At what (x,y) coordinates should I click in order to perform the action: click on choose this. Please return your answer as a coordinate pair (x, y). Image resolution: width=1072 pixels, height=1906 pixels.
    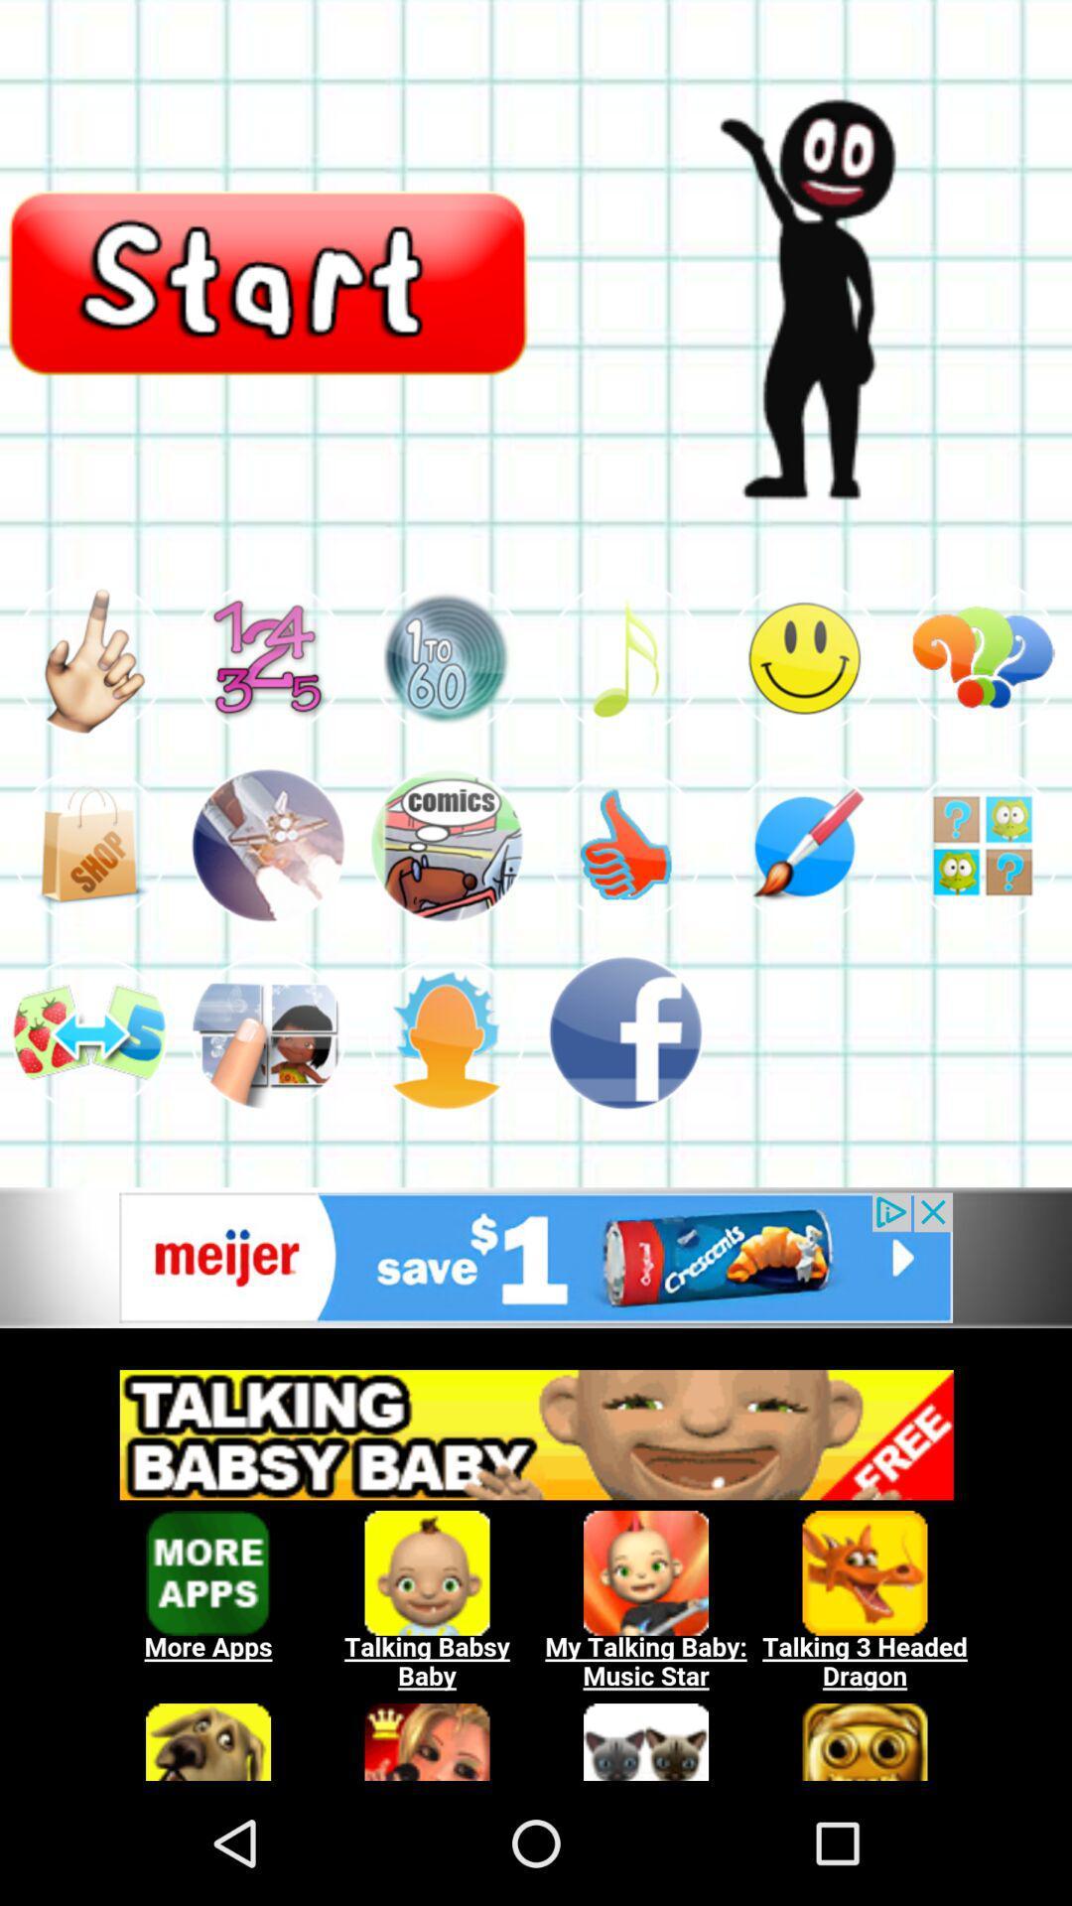
    Looking at the image, I should click on (804, 657).